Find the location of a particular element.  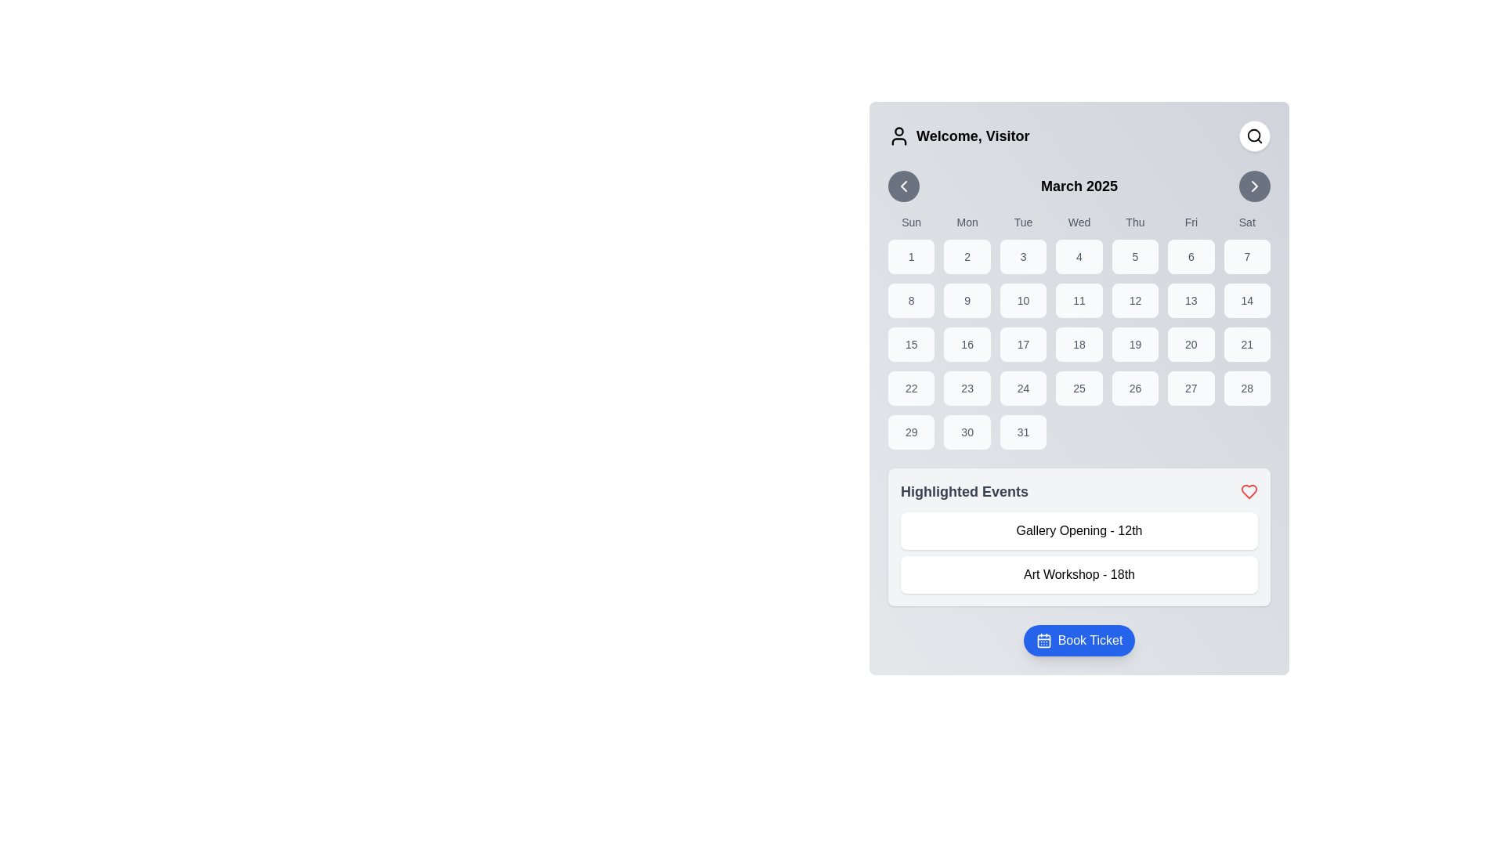

the Calendar day cell displaying the number '15' in the fourth row and first column of the March 2025 calendar is located at coordinates (911, 343).